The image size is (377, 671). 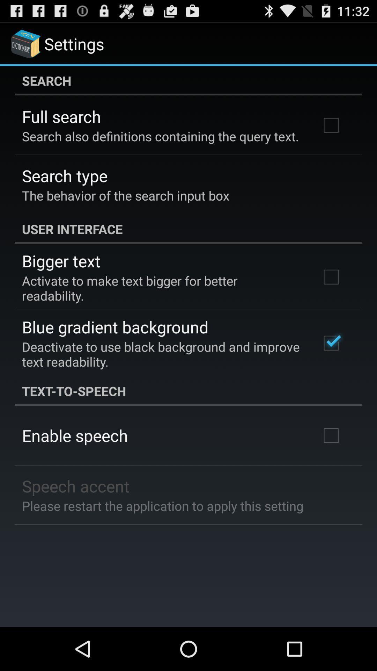 I want to click on item above deactivate to use, so click(x=115, y=326).